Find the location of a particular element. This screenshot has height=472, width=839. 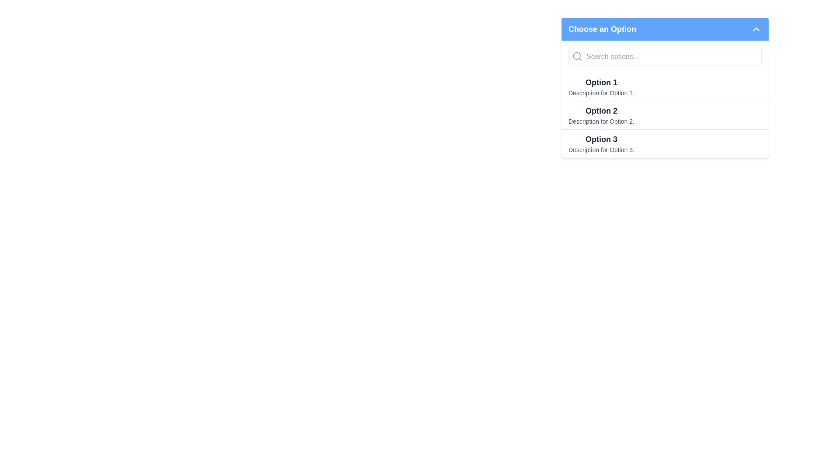

the small-sized light gray text 'Description for Option 1.' located inside the dropdown menu labeled 'Choose an Option', situated directly below 'Option 1' is located at coordinates (601, 93).